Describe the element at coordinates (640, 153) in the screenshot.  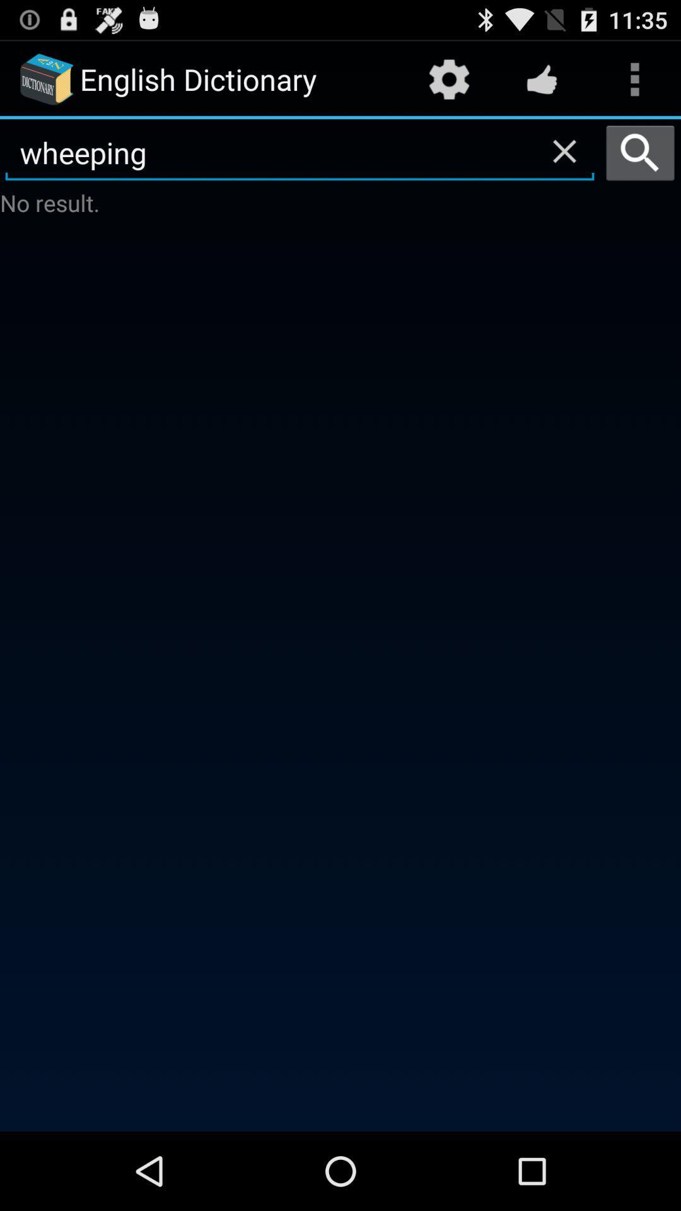
I see `item next to wheeping icon` at that location.